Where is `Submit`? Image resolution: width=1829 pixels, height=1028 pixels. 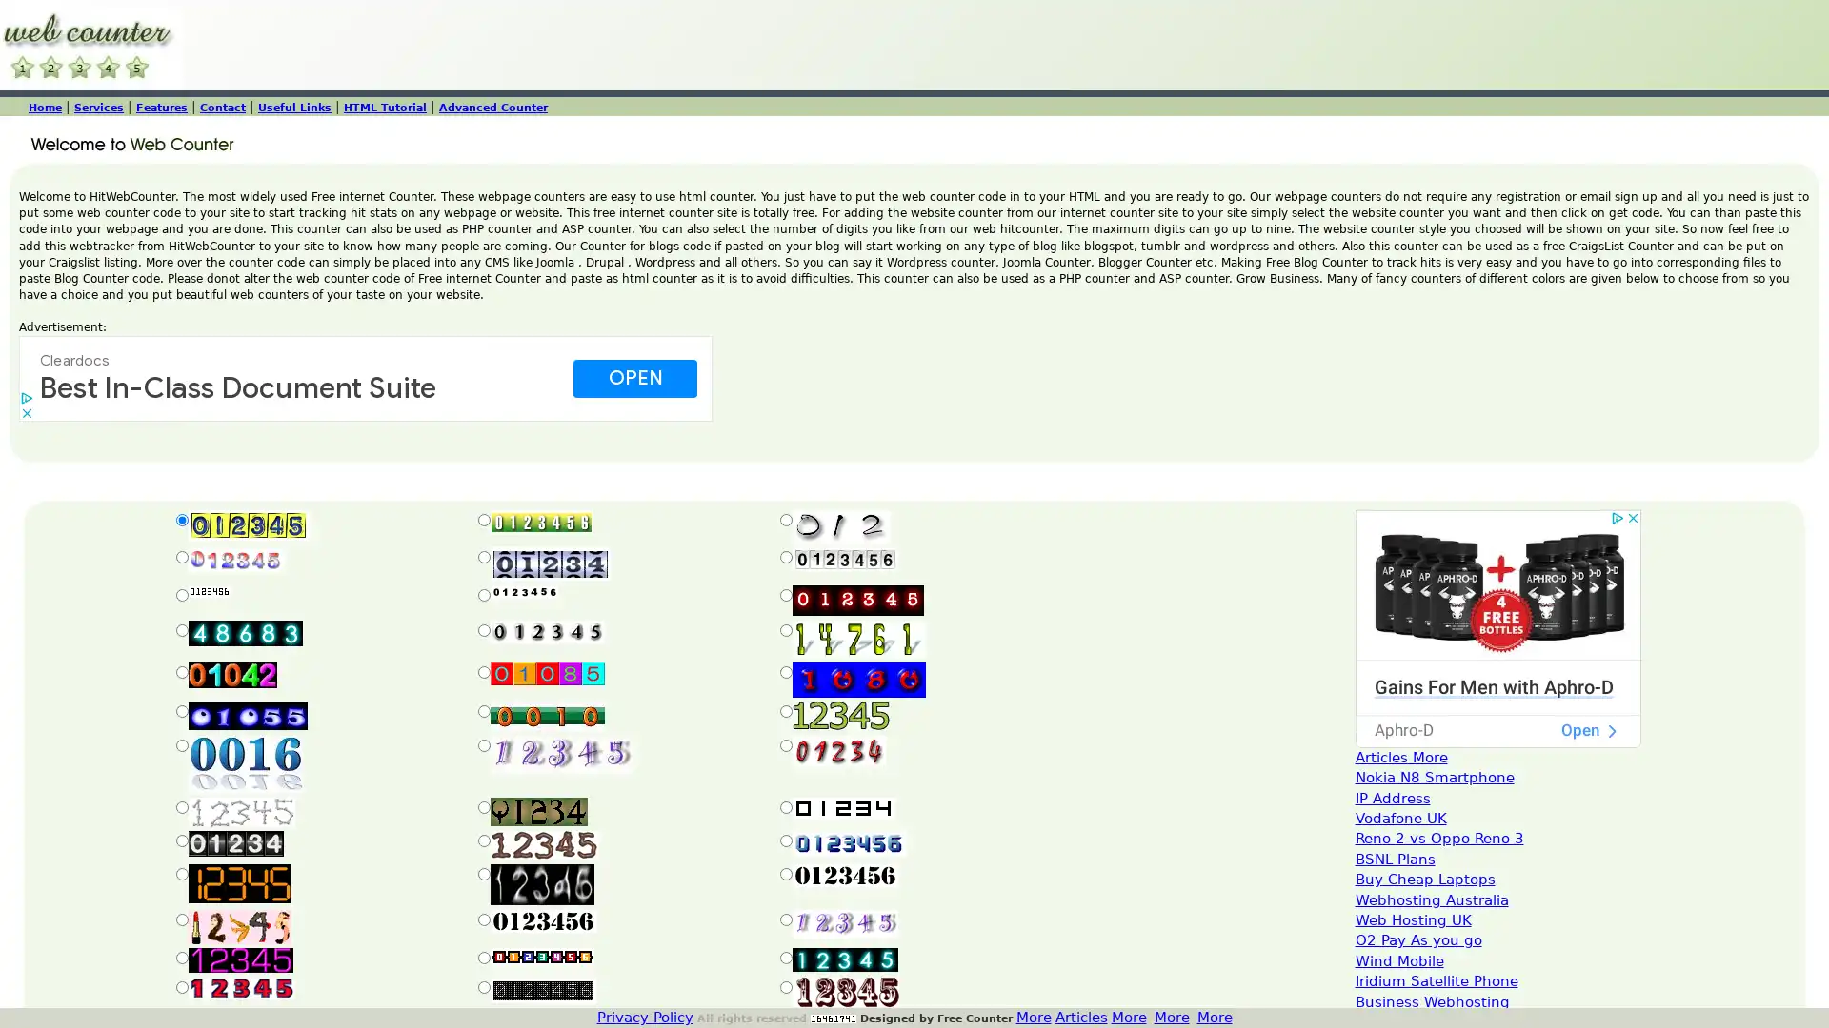
Submit is located at coordinates (839, 525).